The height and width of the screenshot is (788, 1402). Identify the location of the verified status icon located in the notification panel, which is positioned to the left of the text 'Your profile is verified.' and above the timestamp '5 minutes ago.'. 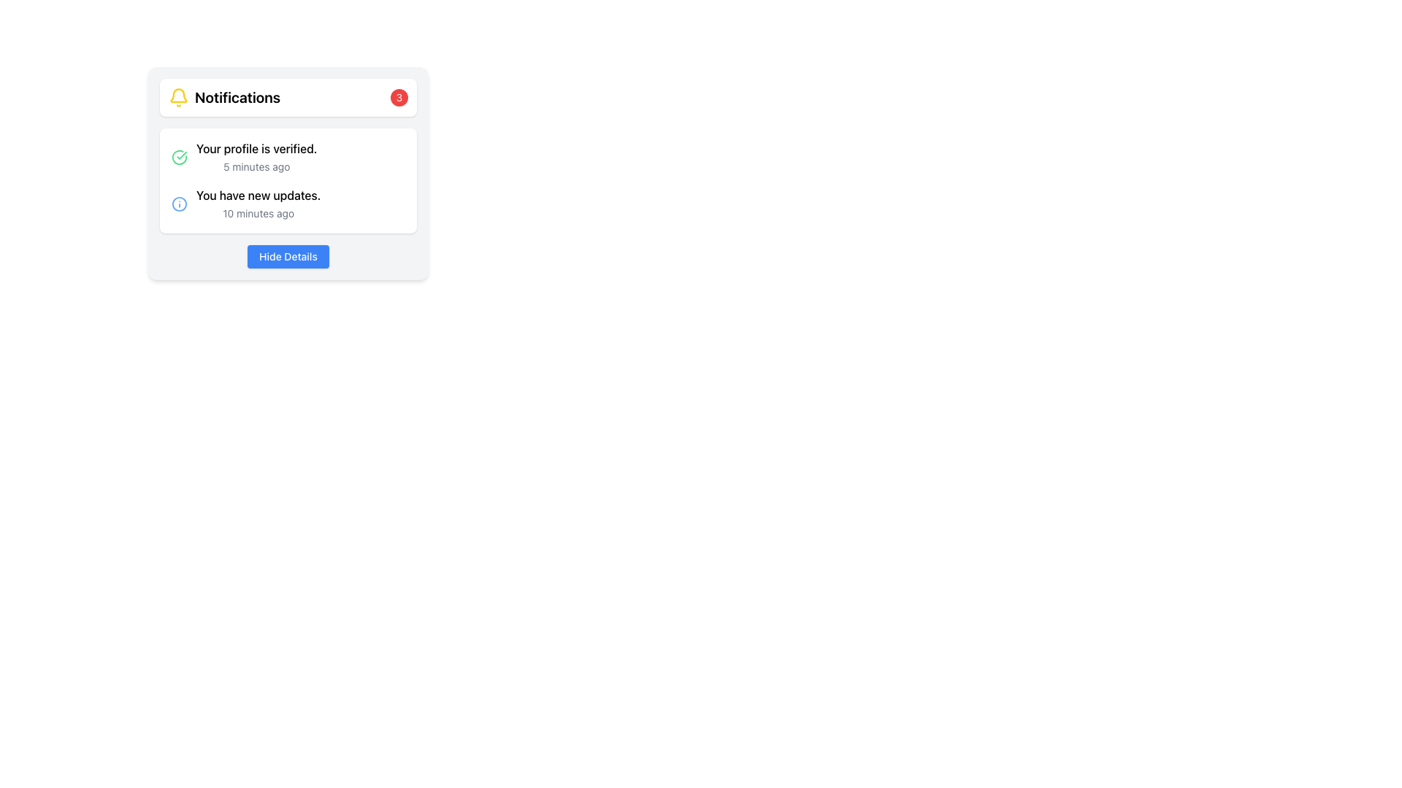
(178, 158).